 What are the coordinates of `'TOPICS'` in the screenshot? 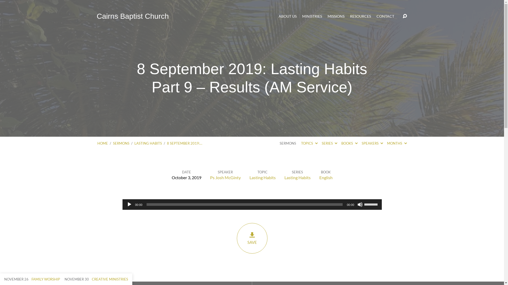 It's located at (309, 143).